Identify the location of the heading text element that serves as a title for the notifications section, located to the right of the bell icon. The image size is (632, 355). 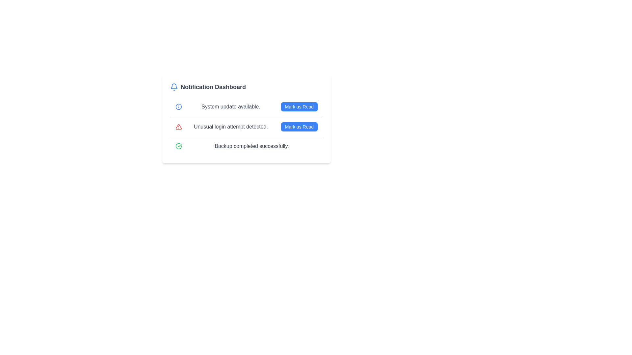
(213, 87).